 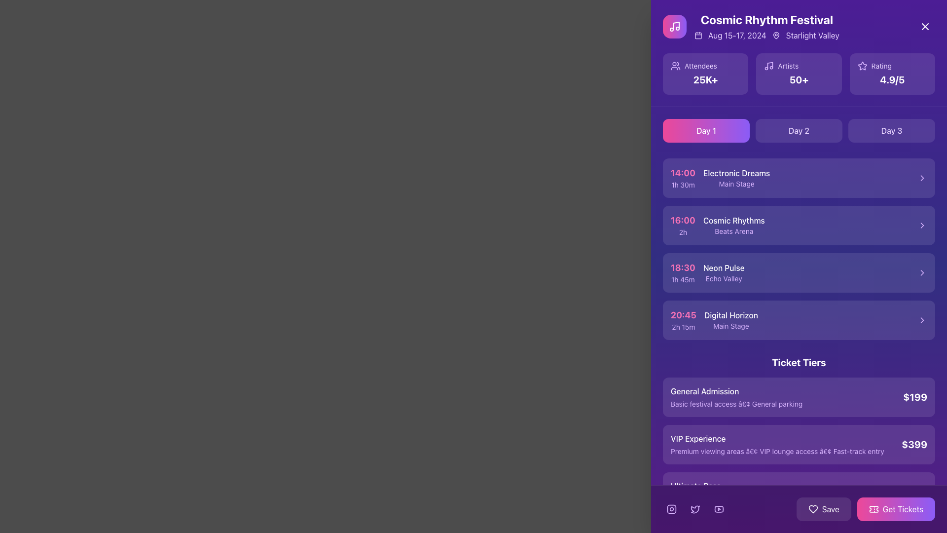 I want to click on numeric value '25K+' displayed in large, bold, white letters on a purple rectangular background under the label 'Attendees.', so click(x=705, y=79).